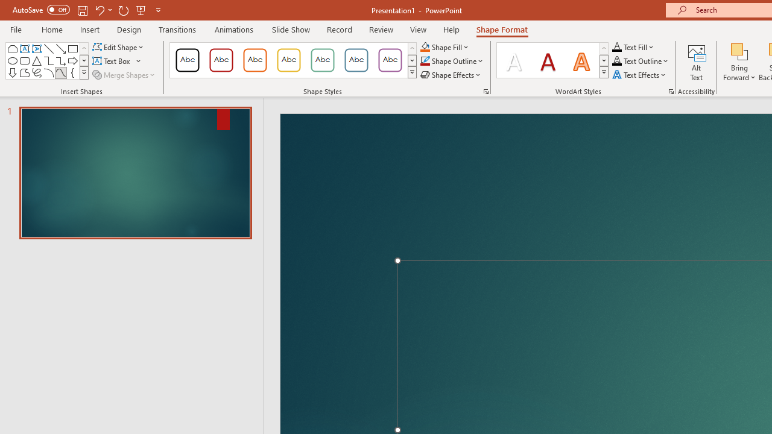  Describe the element at coordinates (380, 29) in the screenshot. I see `'Review'` at that location.